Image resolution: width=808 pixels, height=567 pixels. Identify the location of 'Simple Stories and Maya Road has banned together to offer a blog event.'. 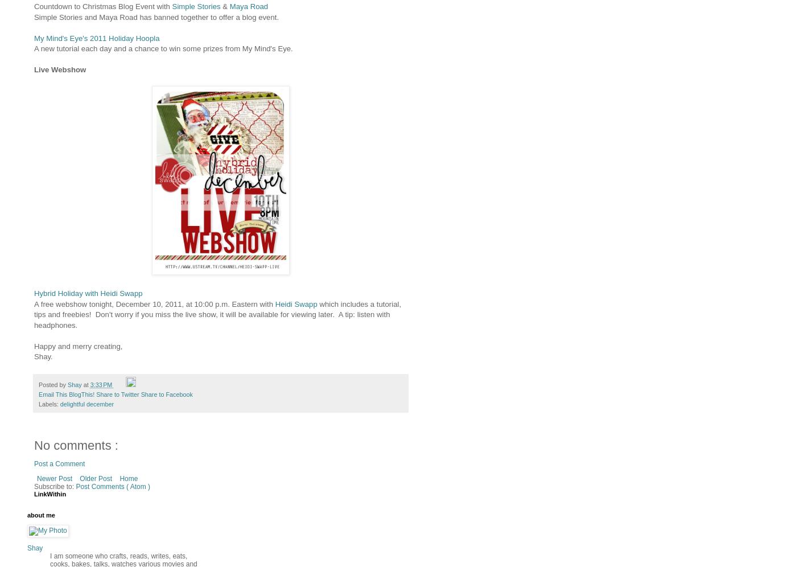
(34, 17).